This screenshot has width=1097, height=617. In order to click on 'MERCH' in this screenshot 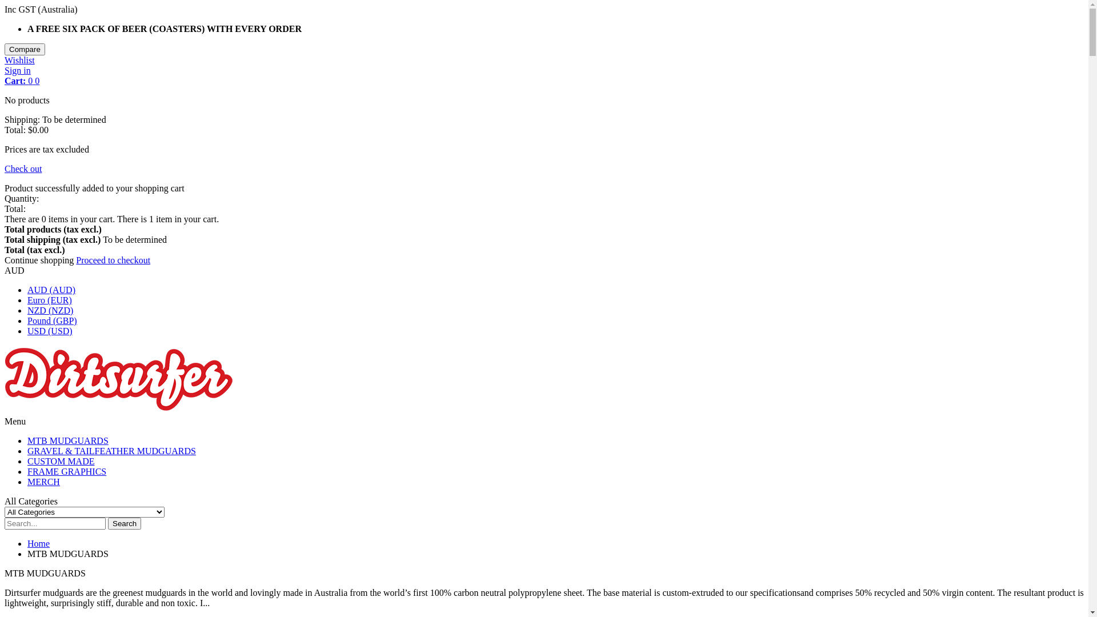, I will do `click(27, 482)`.